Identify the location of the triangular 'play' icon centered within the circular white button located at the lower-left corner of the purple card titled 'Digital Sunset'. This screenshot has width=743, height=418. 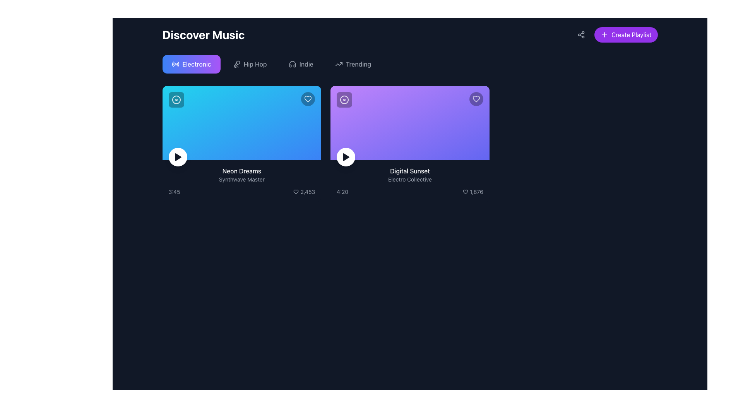
(346, 157).